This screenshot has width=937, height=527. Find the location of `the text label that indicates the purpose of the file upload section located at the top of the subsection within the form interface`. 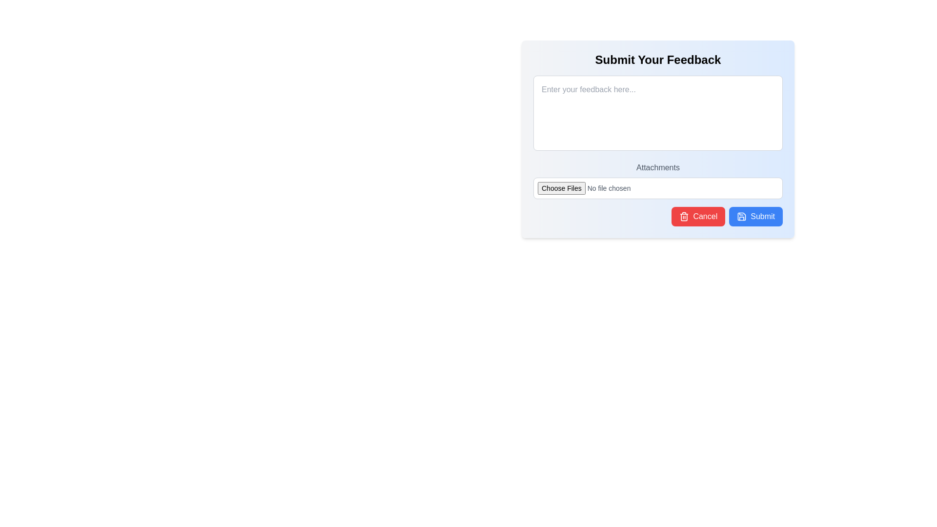

the text label that indicates the purpose of the file upload section located at the top of the subsection within the form interface is located at coordinates (658, 167).